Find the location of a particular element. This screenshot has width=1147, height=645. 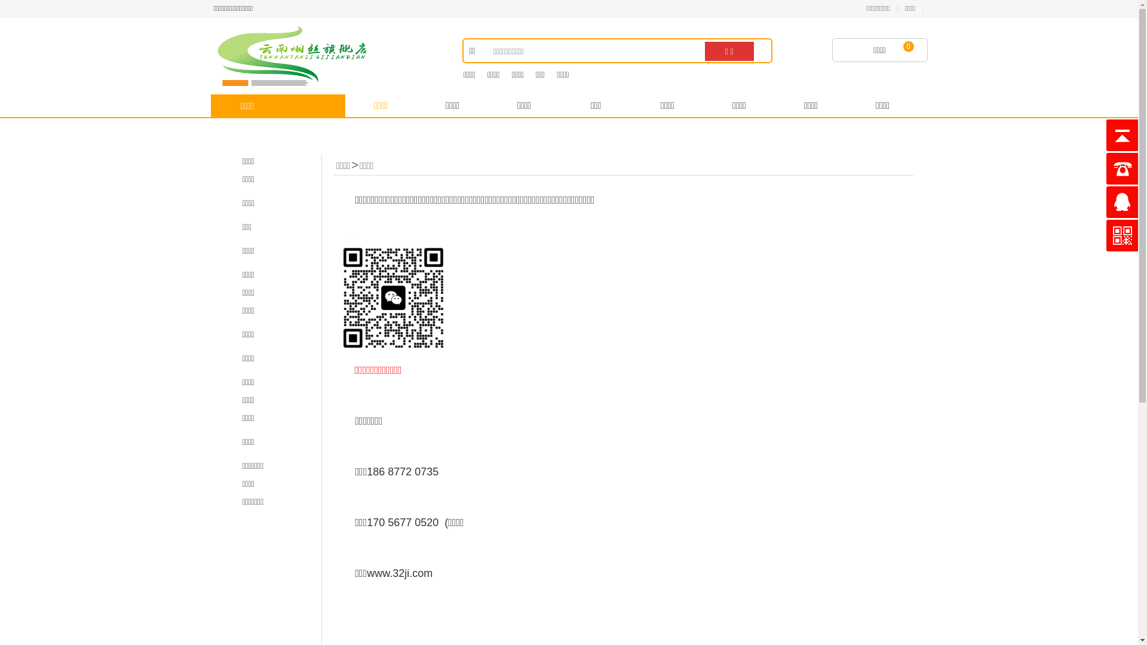

'www.32ji.com' is located at coordinates (399, 573).